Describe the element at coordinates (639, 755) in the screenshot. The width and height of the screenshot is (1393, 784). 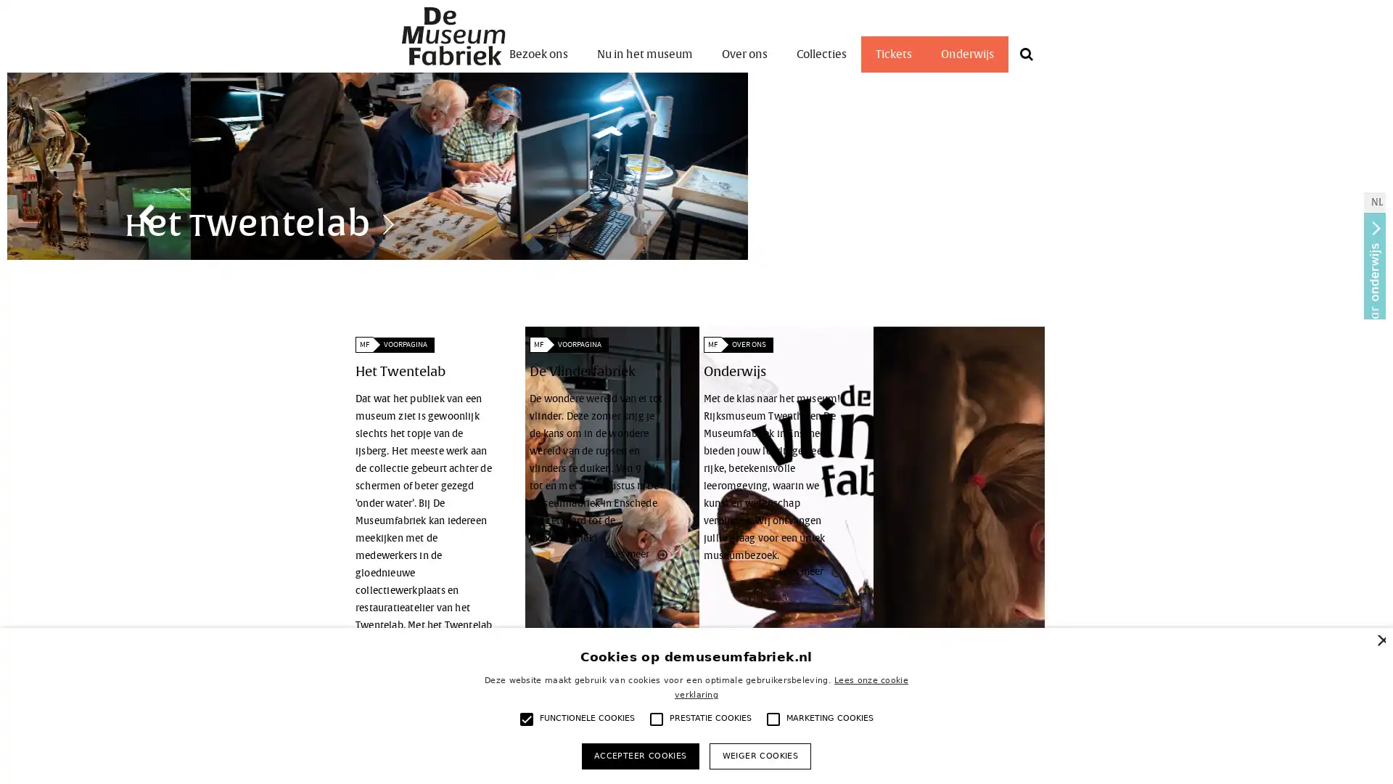
I see `ACCEPTEER COOKIES` at that location.